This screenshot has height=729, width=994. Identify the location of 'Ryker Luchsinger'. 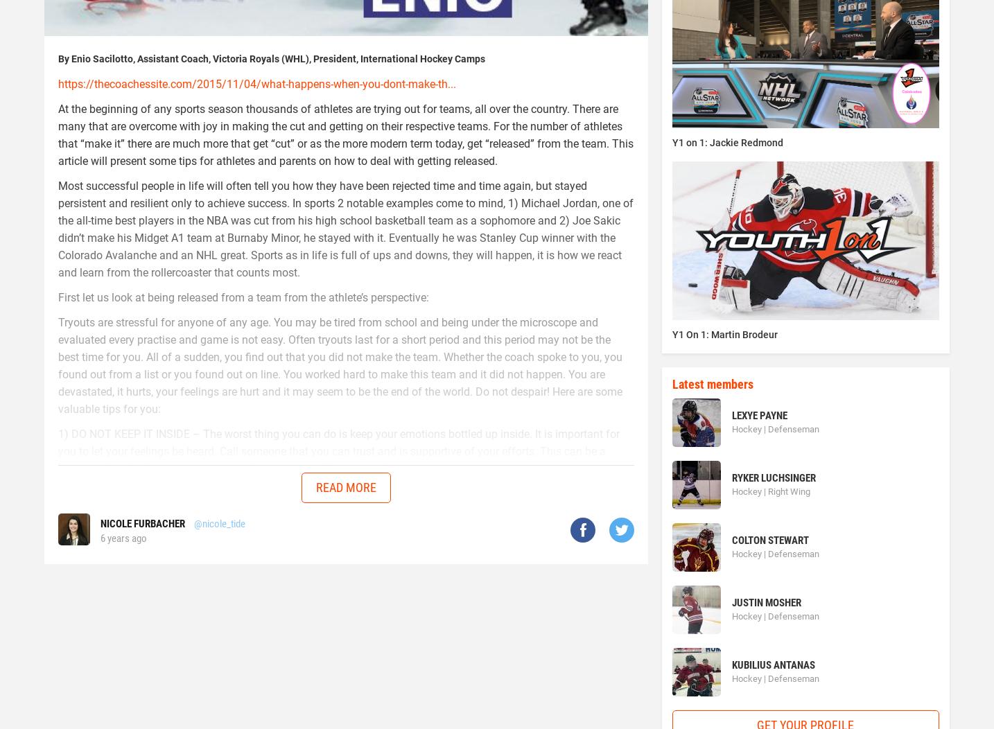
(773, 476).